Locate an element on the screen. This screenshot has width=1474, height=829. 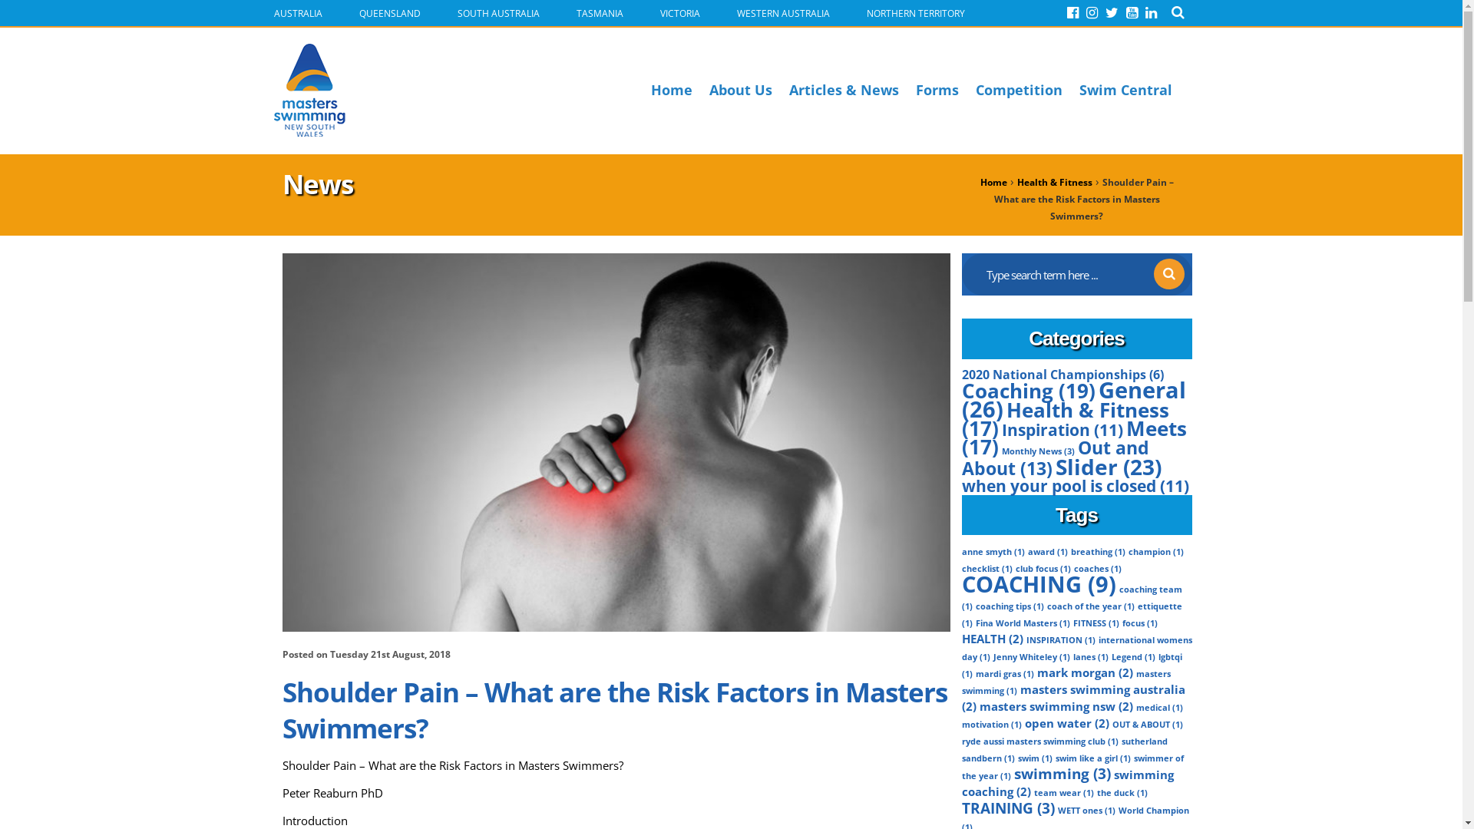
'Swim Central' is located at coordinates (1079, 89).